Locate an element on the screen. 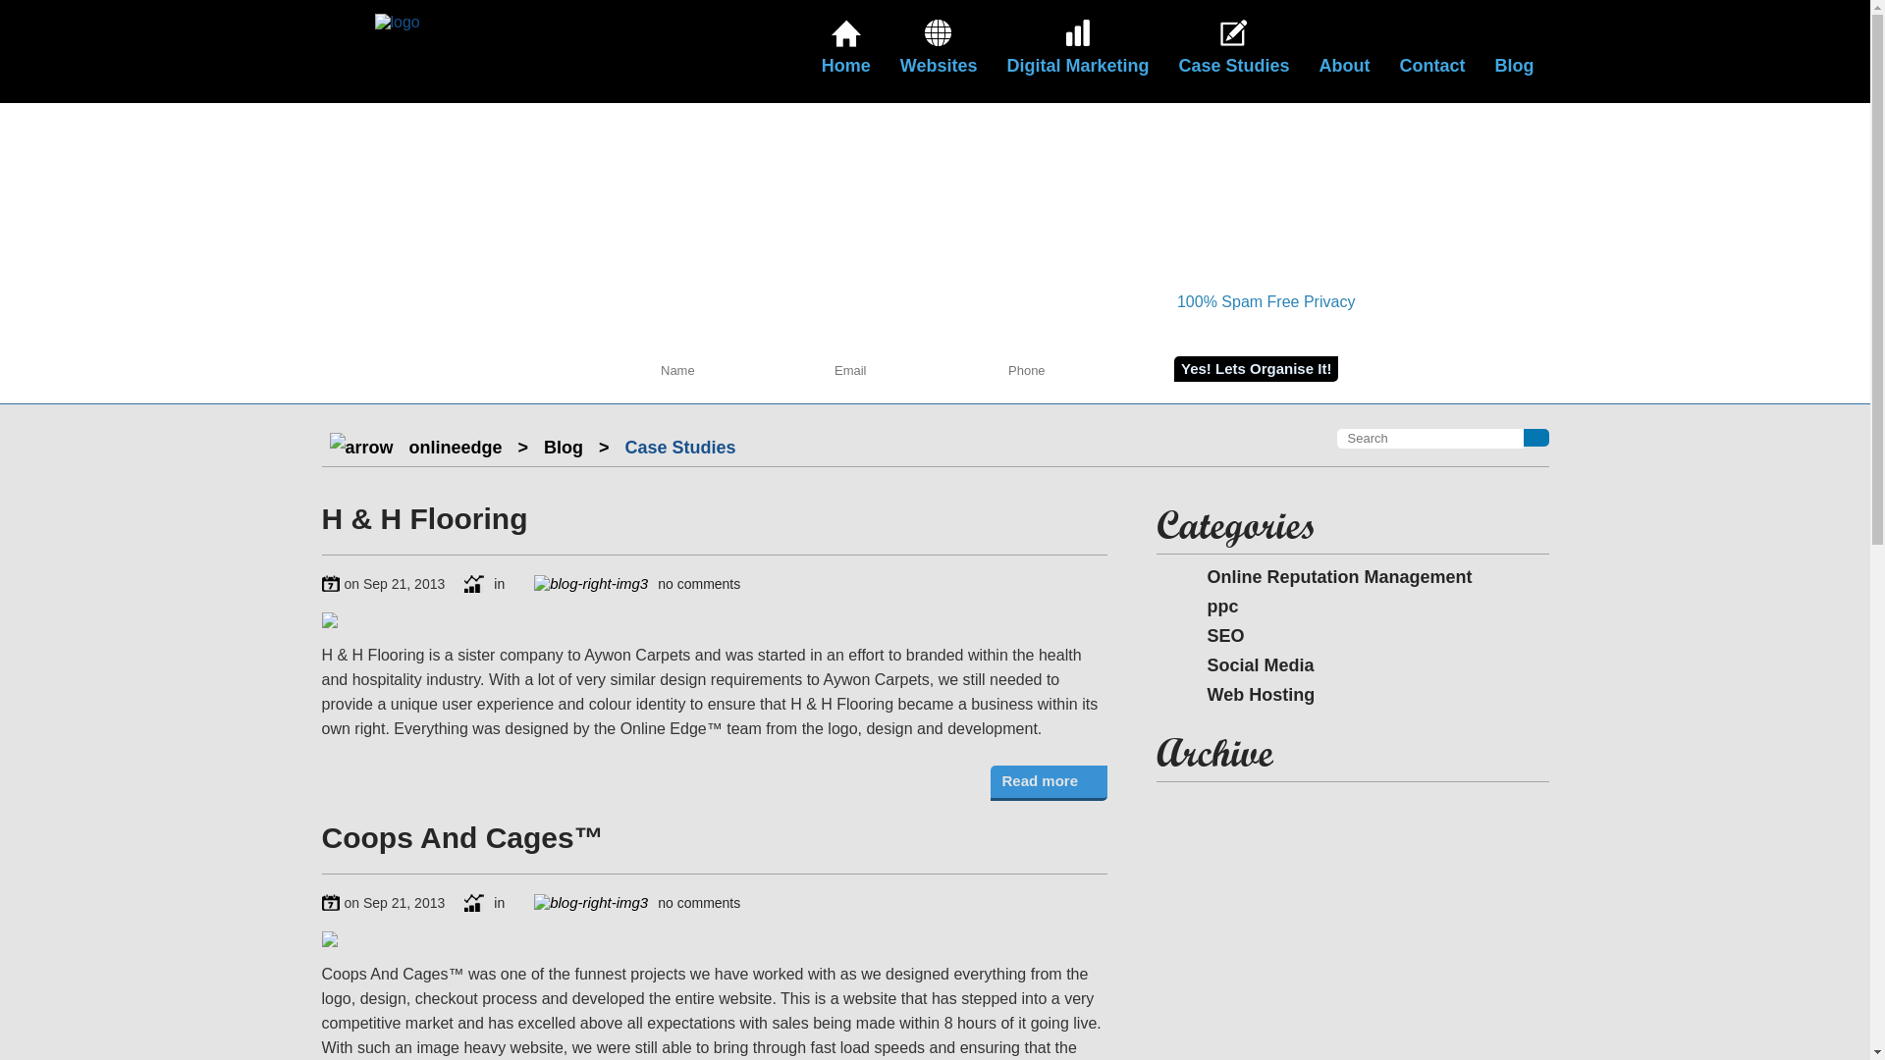 The image size is (1885, 1060). 'blog-right-img3' is located at coordinates (589, 582).